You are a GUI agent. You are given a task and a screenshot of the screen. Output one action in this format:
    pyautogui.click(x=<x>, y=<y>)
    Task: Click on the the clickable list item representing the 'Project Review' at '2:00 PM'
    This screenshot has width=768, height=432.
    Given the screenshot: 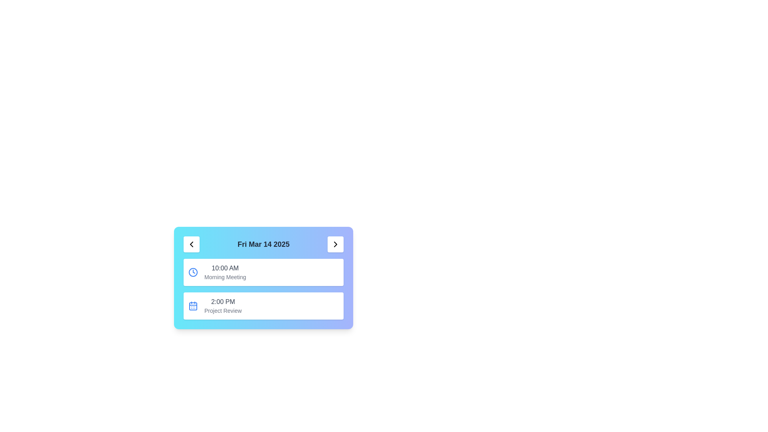 What is the action you would take?
    pyautogui.click(x=263, y=306)
    